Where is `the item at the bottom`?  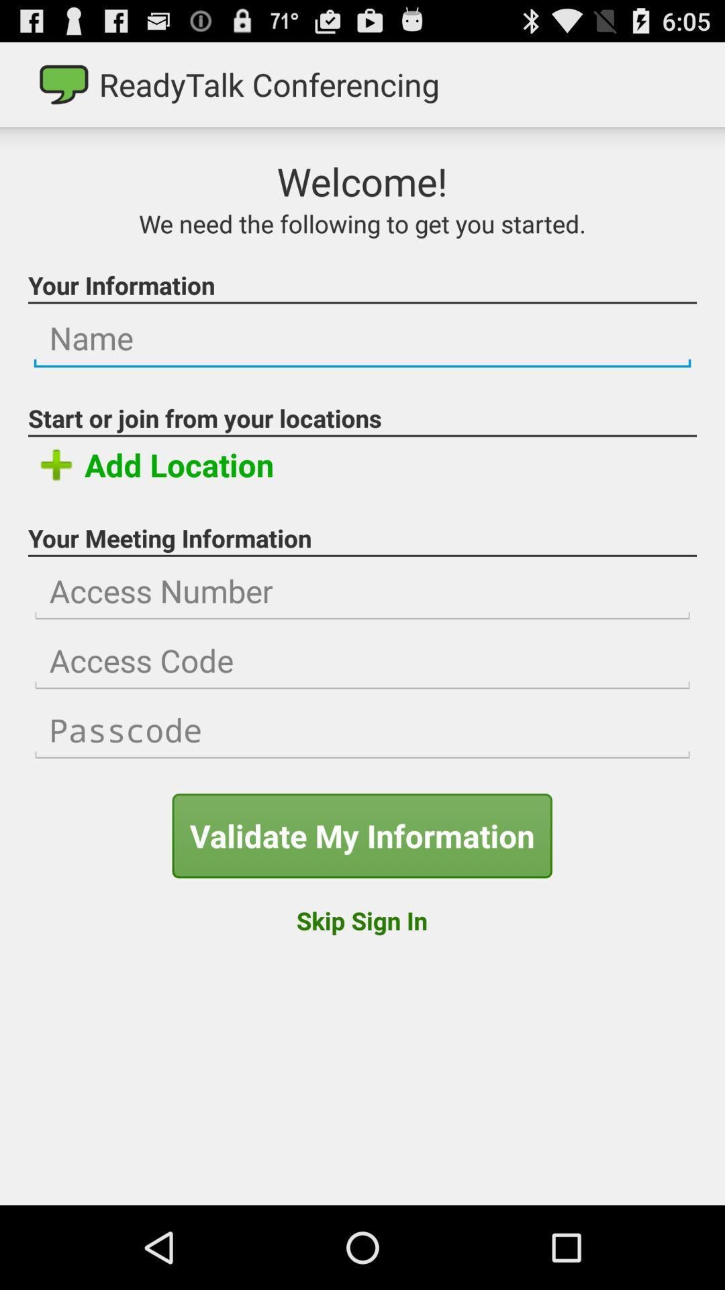
the item at the bottom is located at coordinates (361, 920).